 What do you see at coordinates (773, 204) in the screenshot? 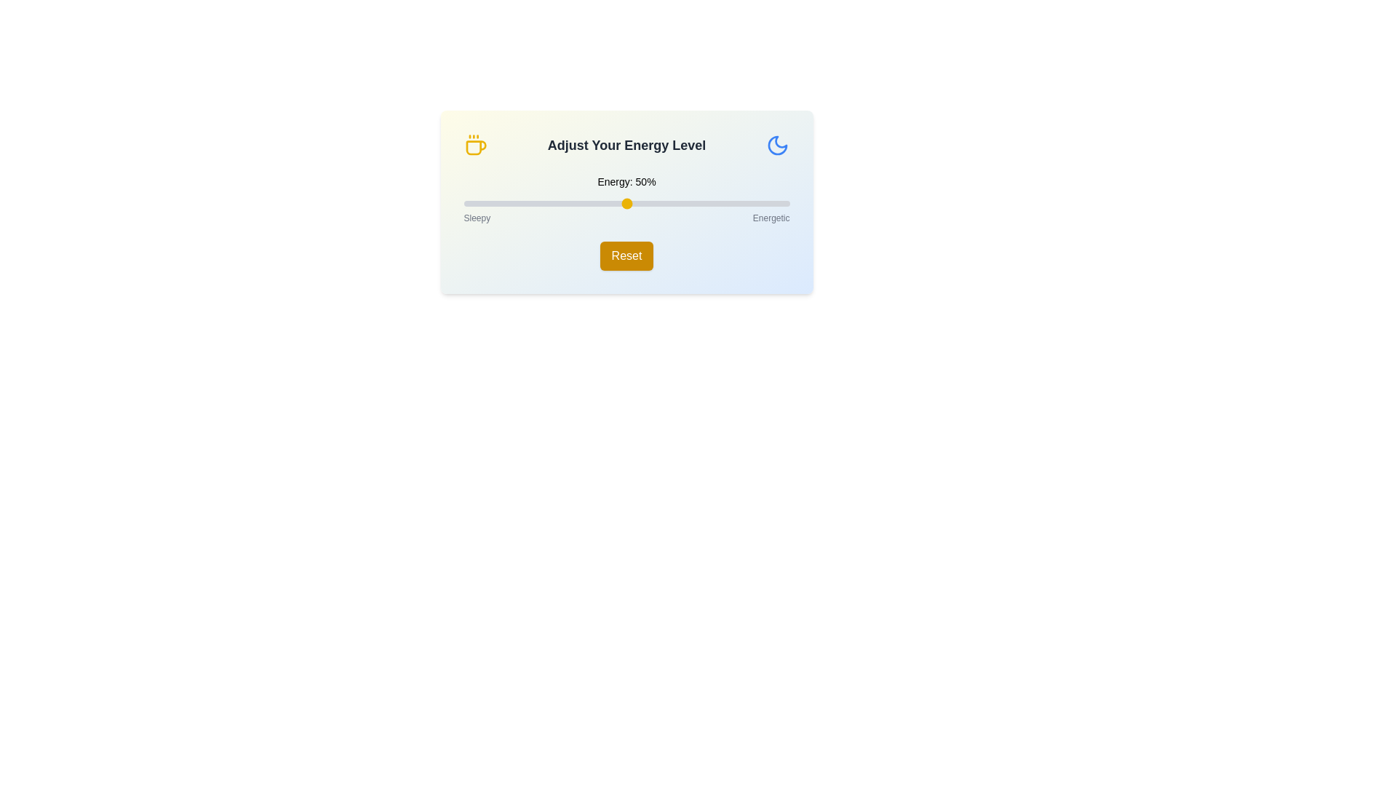
I see `the energy level slider to 95%` at bounding box center [773, 204].